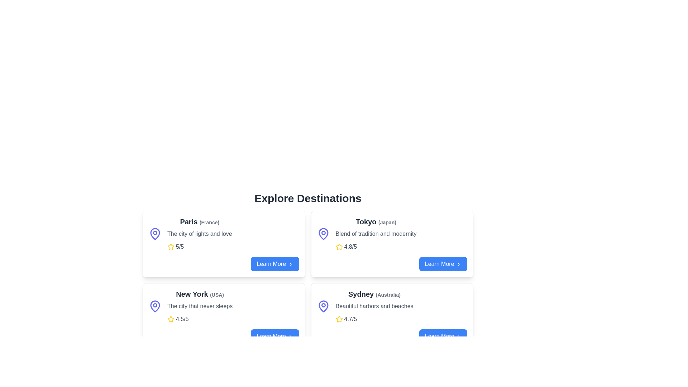  I want to click on the static text label displaying 'Beautiful harbors and beaches' which is located below the title 'Sydney (Australia)' in the lower-right card of a grid layout, so click(374, 306).